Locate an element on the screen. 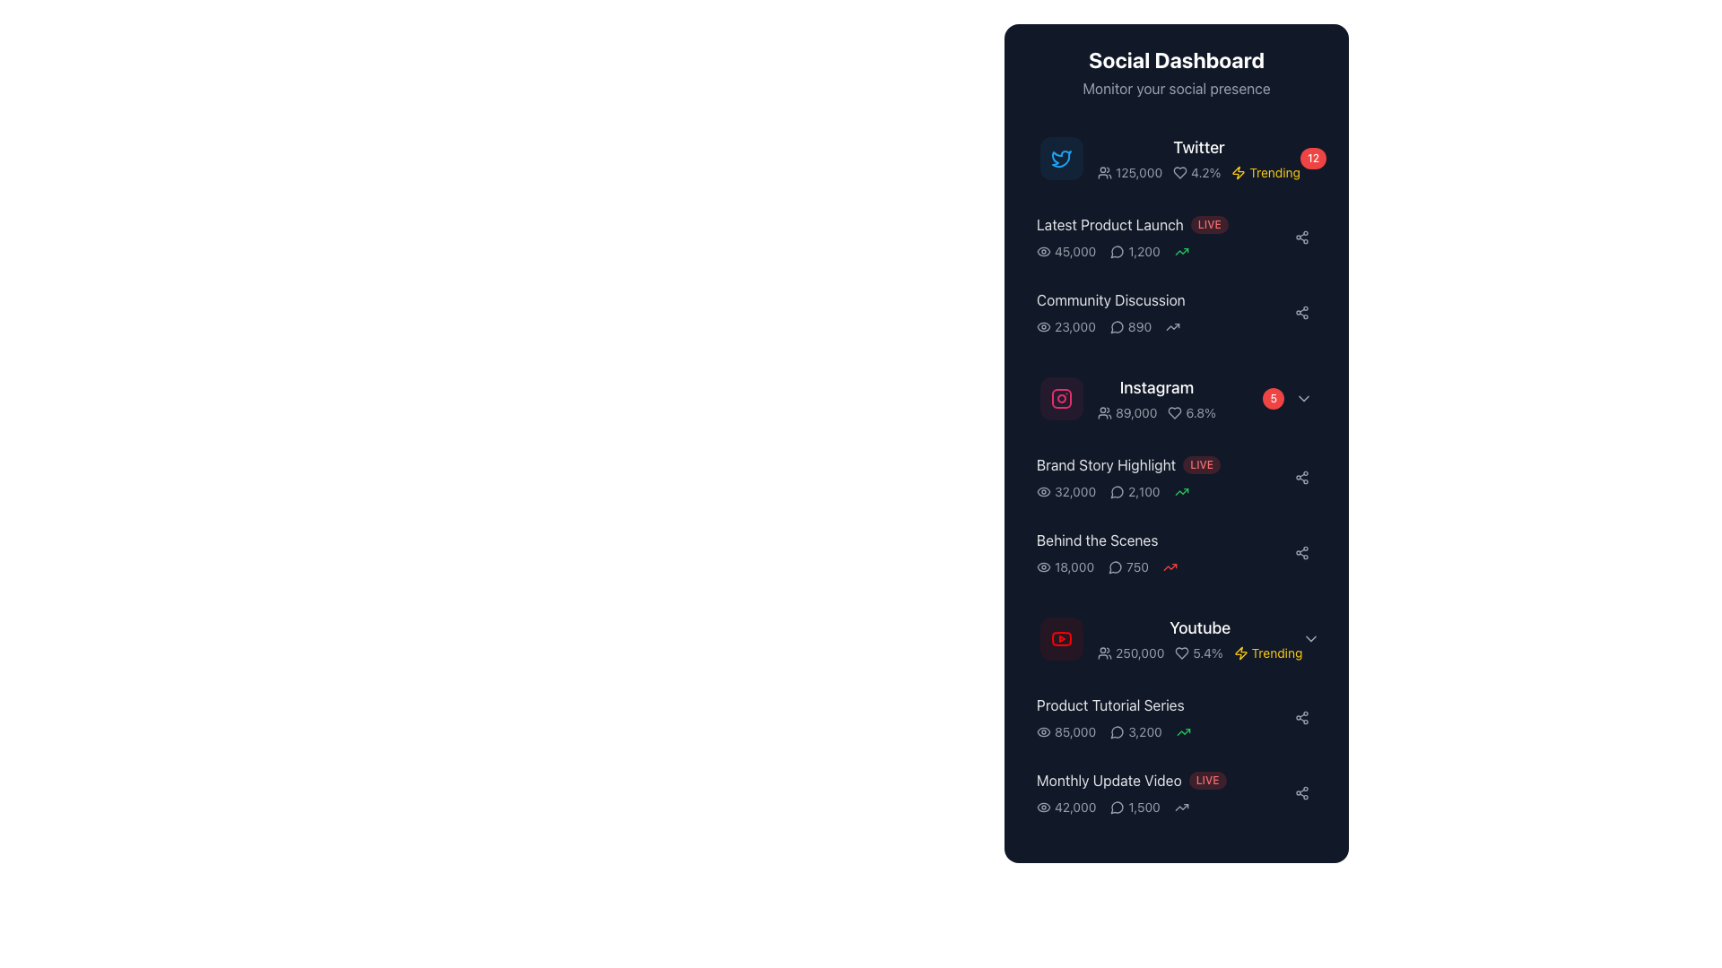 The image size is (1722, 968). the text label that provides information about the number of followers for the Twitter account, located in the Twitter metrics section of the Social Dashboard, positioned next to the icon of two people is located at coordinates (1129, 172).